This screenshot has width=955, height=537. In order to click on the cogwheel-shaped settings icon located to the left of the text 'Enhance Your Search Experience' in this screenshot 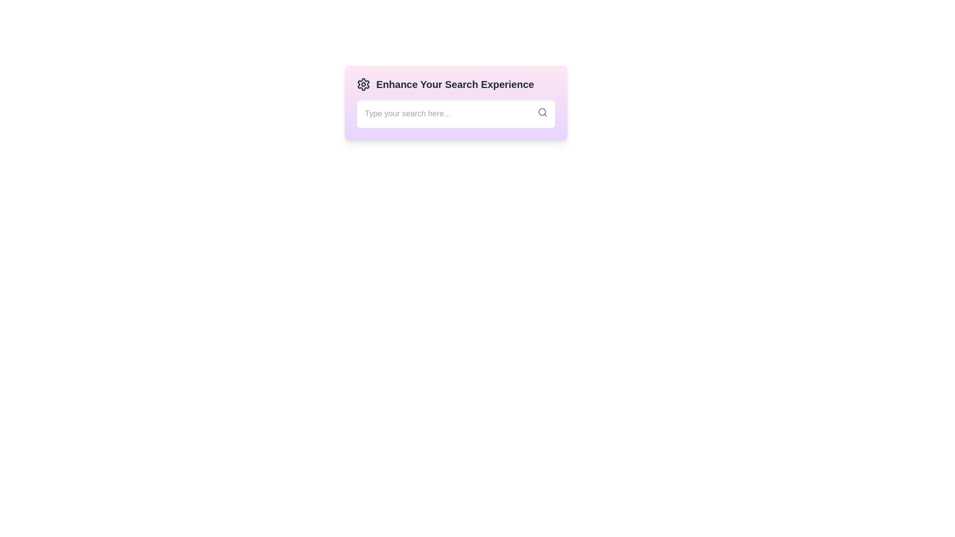, I will do `click(363, 84)`.